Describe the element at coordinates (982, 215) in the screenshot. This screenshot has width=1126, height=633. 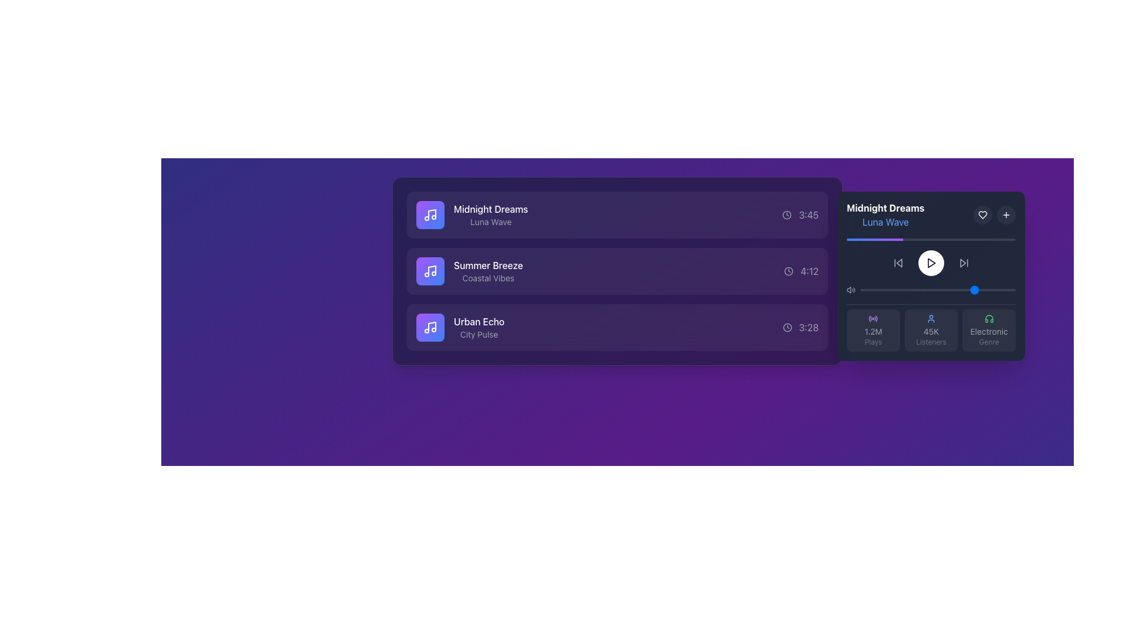
I see `the heart-shaped icon button in the top-right section of the music playback control panel` at that location.